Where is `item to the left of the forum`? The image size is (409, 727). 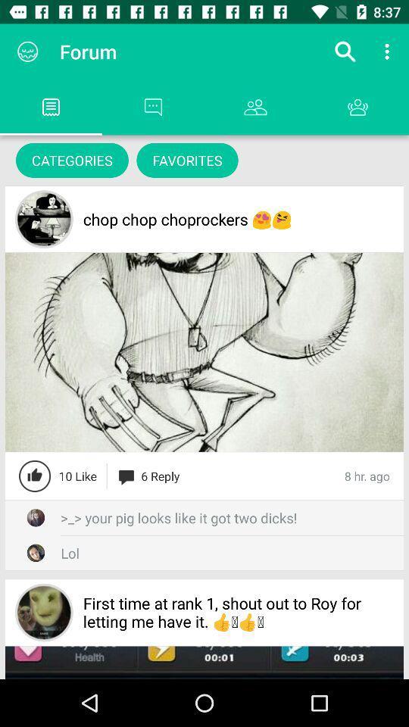 item to the left of the forum is located at coordinates (27, 51).